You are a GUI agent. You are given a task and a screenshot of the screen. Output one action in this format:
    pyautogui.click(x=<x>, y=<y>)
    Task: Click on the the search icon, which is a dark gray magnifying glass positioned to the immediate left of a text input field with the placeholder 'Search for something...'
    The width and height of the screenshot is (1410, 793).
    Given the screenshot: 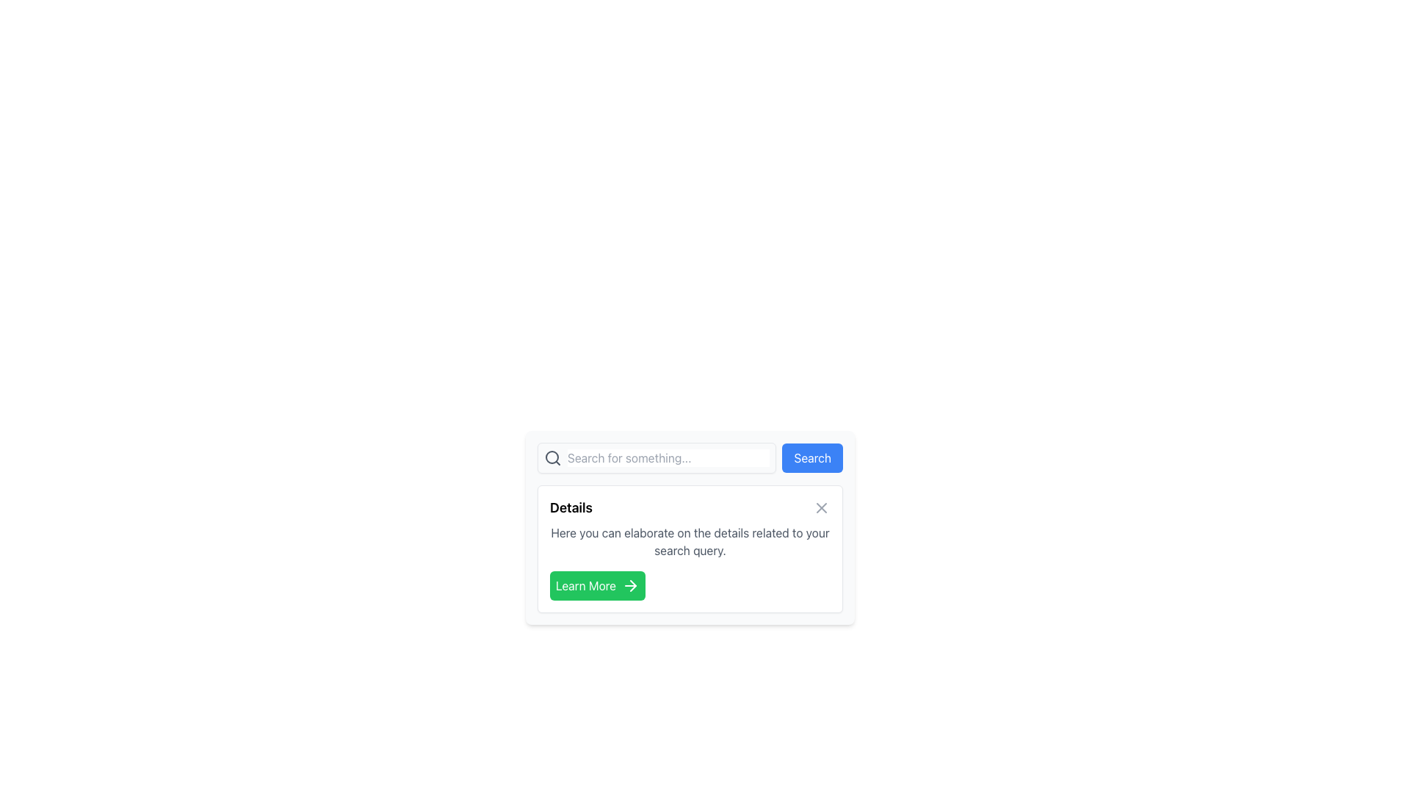 What is the action you would take?
    pyautogui.click(x=552, y=457)
    